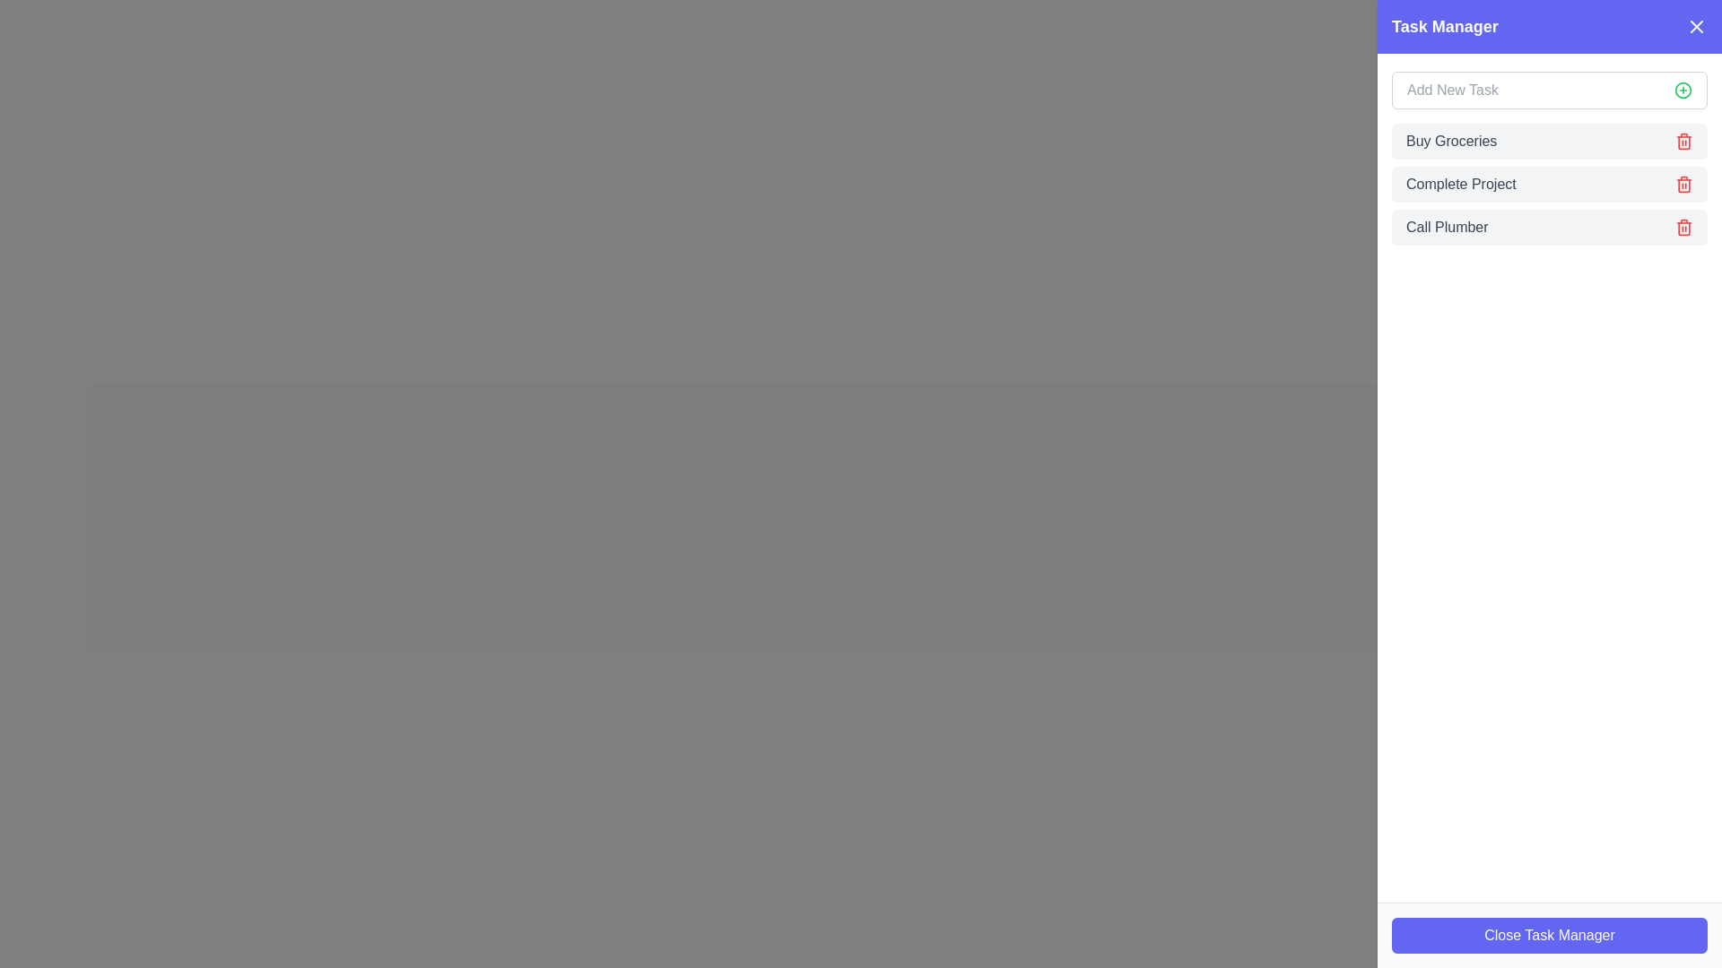  Describe the element at coordinates (1447, 227) in the screenshot. I see `the gray text label reading 'Call Plumber' located in the third position of the vertical task list within the 'Task Manager' panel` at that location.